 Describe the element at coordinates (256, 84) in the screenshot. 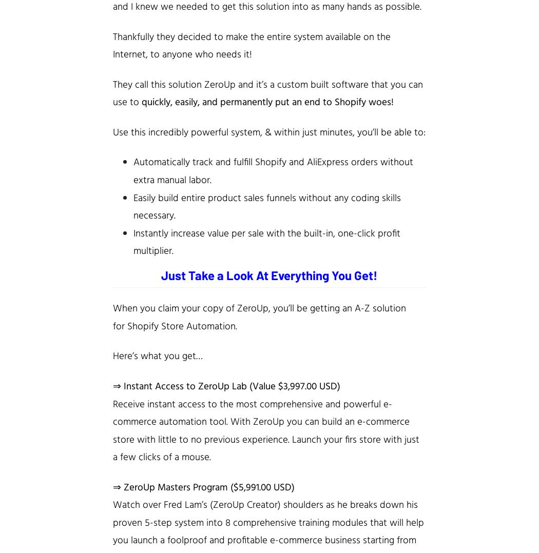

I see `'and it’s a'` at that location.